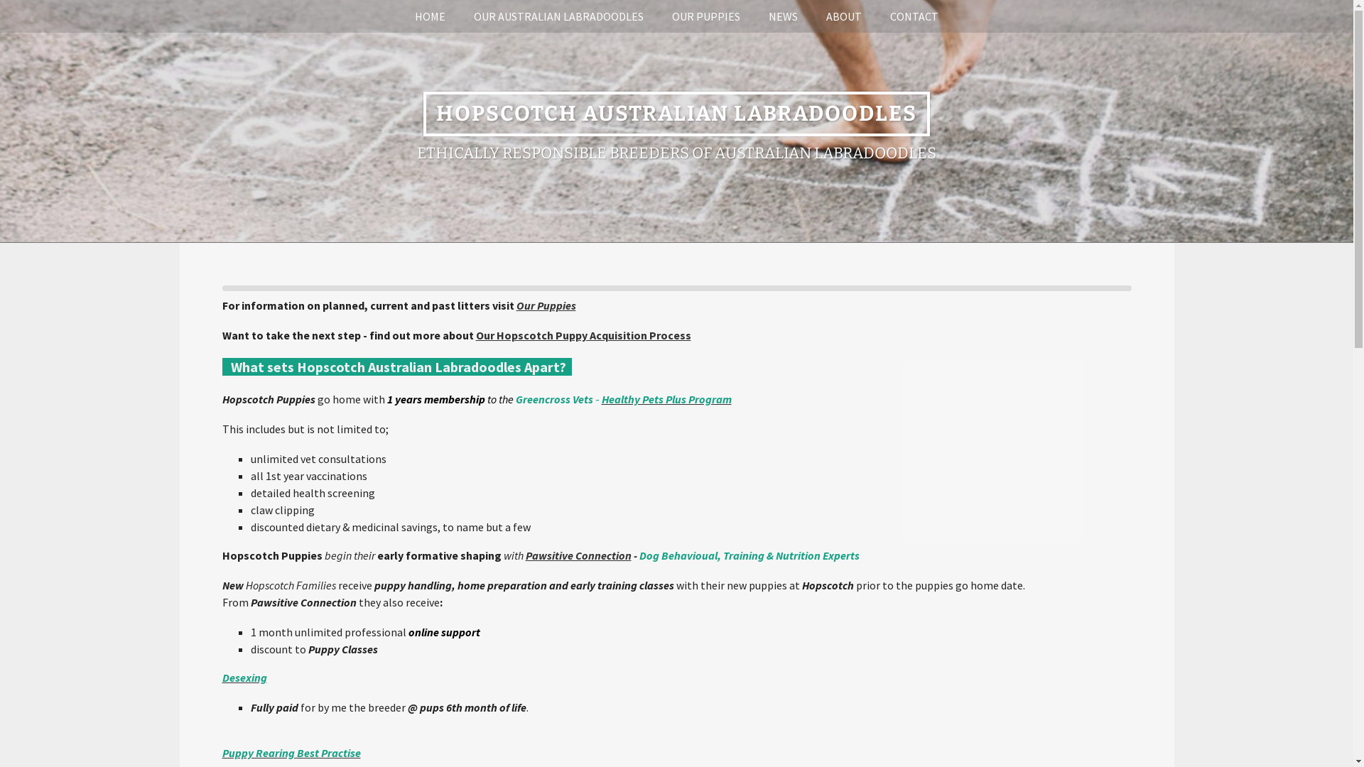 The width and height of the screenshot is (1364, 767). I want to click on 'NEWS', so click(753, 16).